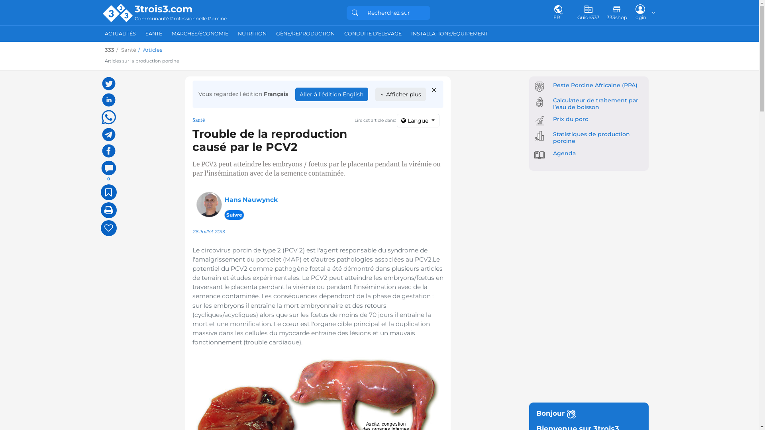 This screenshot has height=430, width=765. I want to click on 'Hans Nauwynck', so click(223, 199).